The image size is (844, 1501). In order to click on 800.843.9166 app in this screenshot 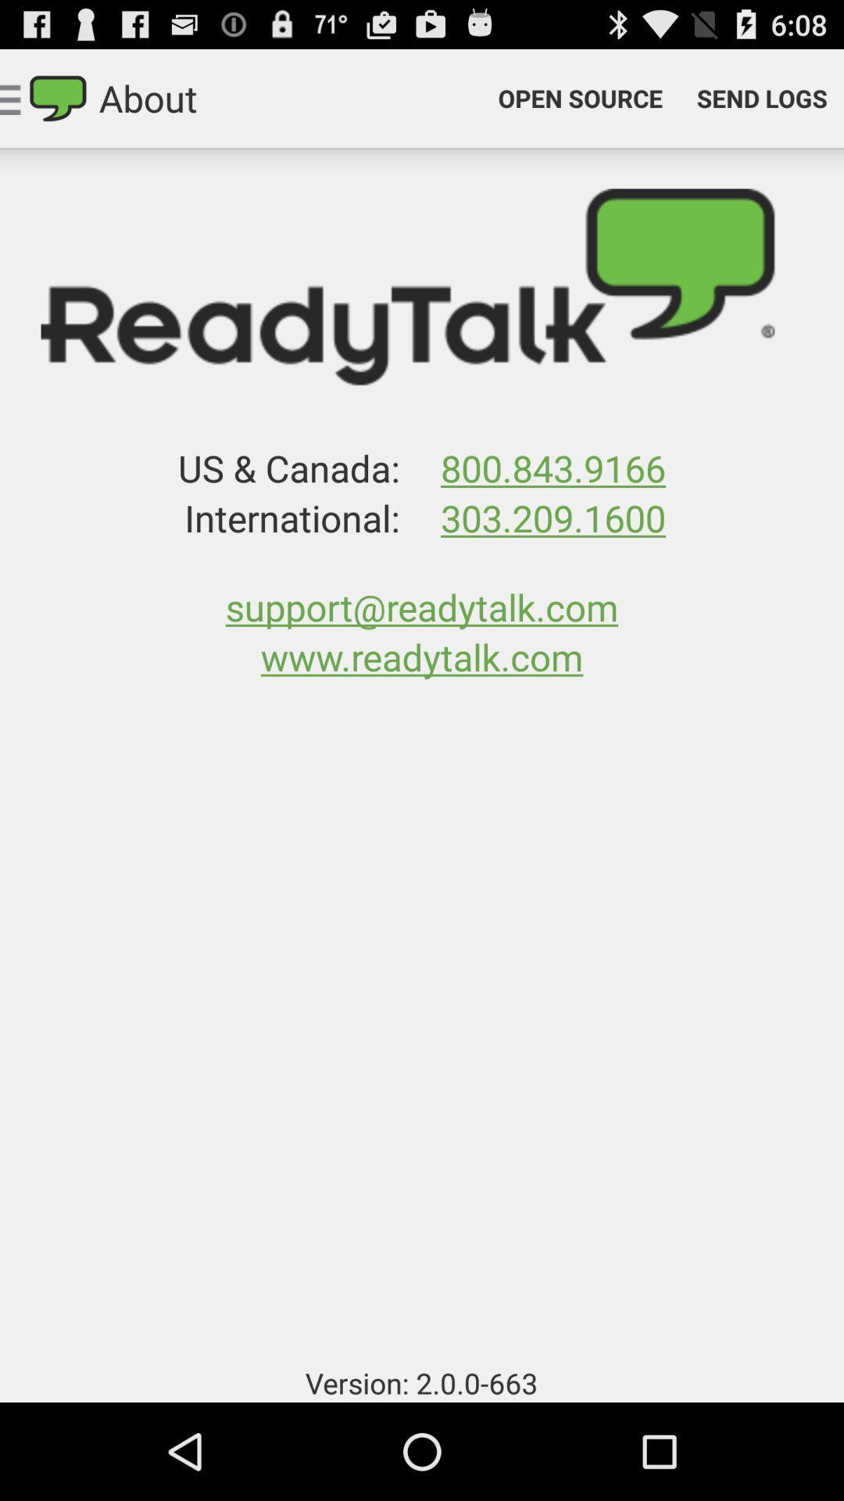, I will do `click(553, 467)`.